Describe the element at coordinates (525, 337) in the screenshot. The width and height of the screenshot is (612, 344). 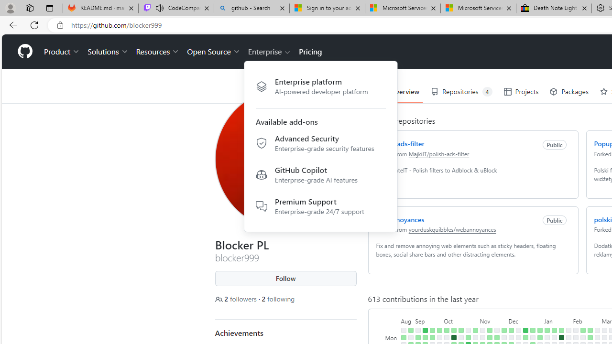
I see `'3 contributions on December 18th.'` at that location.